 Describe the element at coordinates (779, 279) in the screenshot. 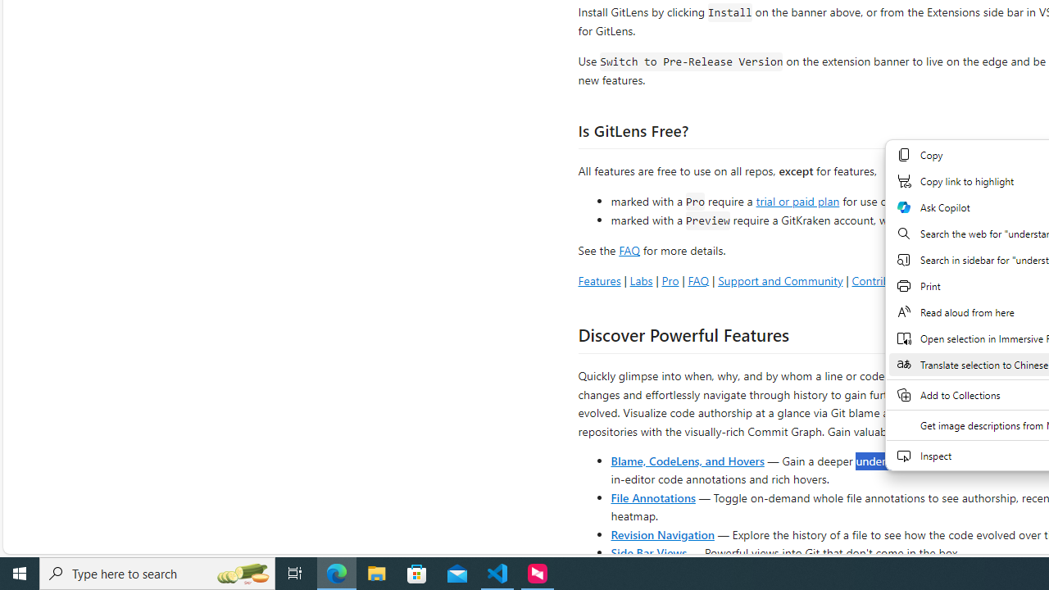

I see `'Support and Community'` at that location.